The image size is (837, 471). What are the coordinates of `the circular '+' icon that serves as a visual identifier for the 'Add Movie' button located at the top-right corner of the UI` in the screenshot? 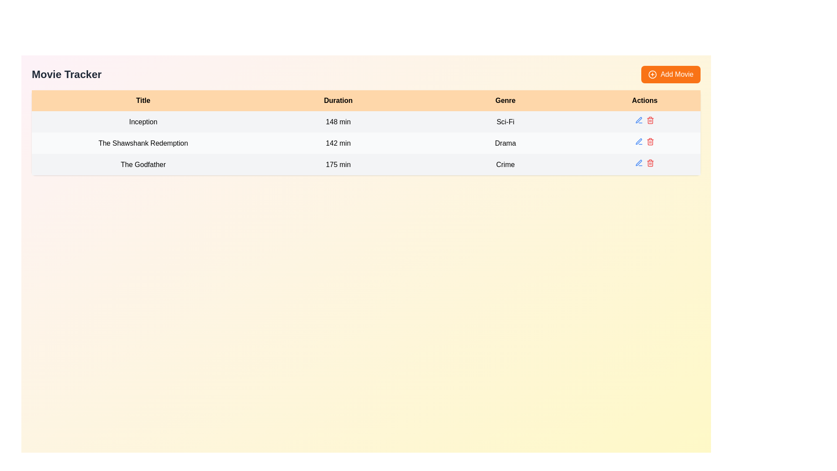 It's located at (653, 74).